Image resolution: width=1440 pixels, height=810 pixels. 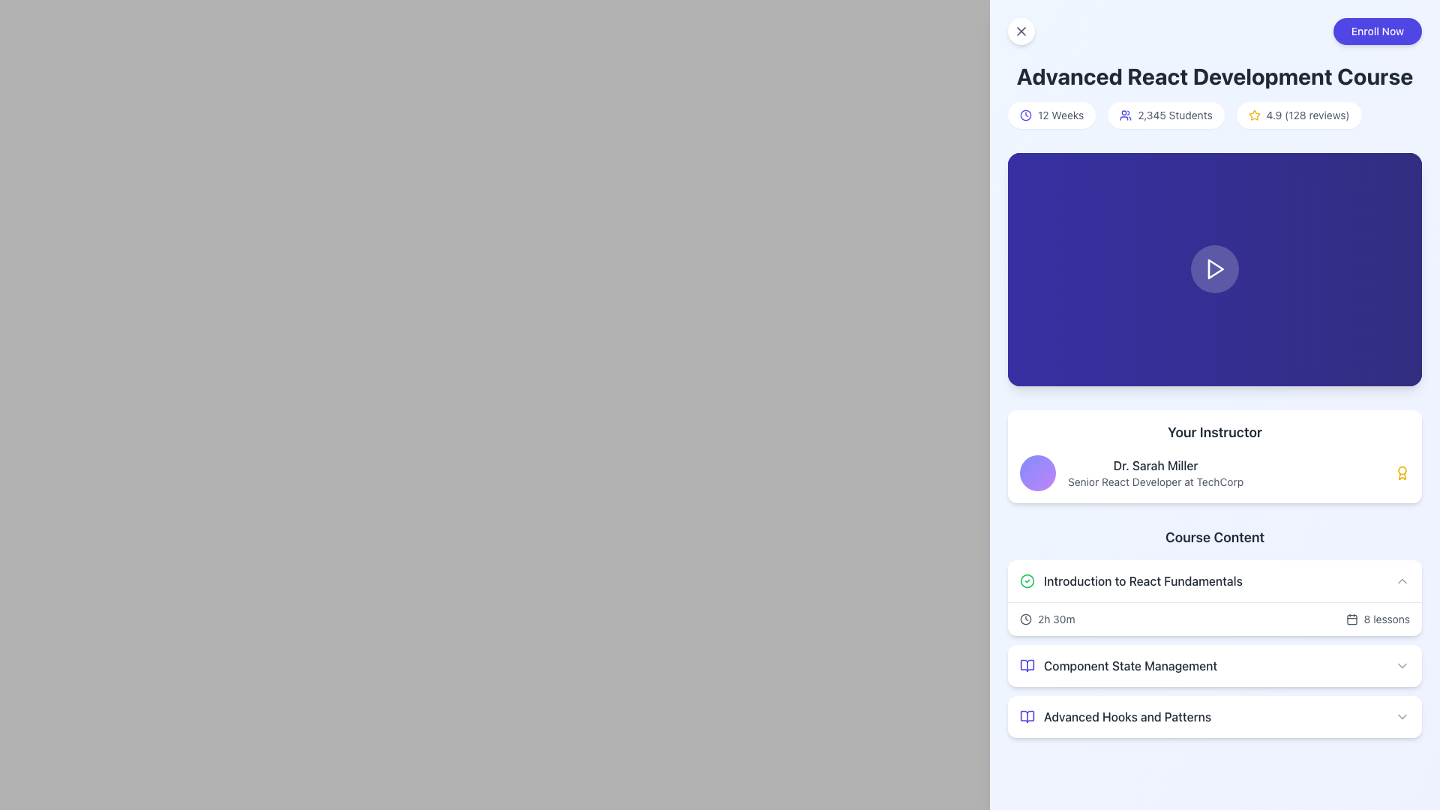 I want to click on the circular play button with a semi-transparent white background and a solid white outline, so click(x=1215, y=268).